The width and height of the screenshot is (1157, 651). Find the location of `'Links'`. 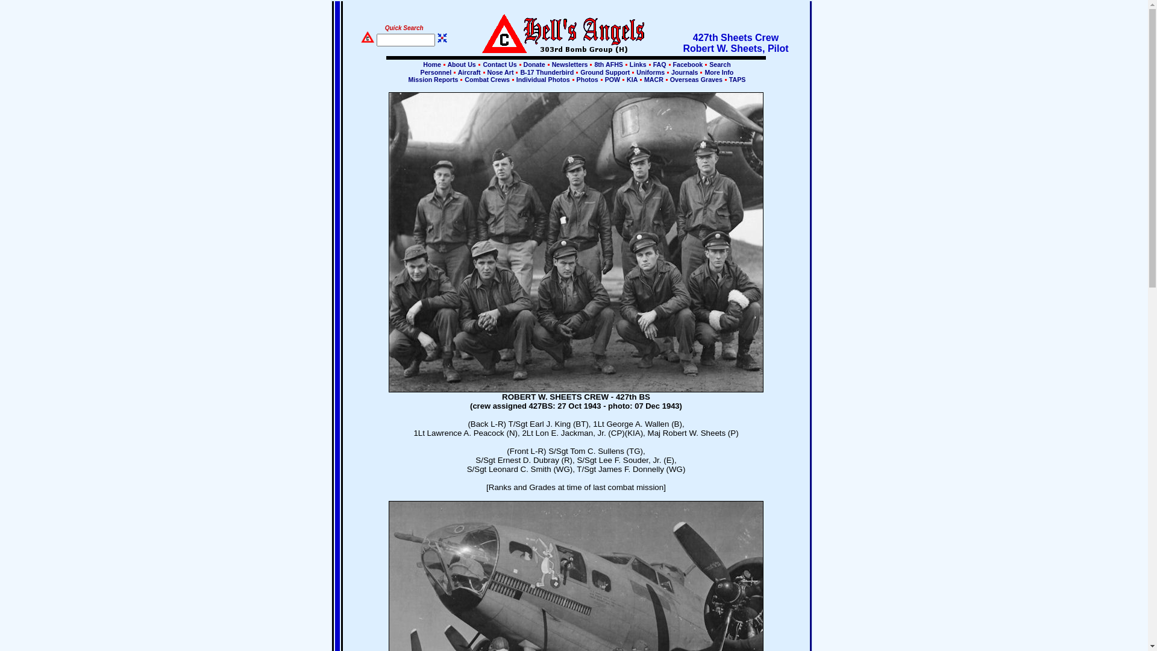

'Links' is located at coordinates (638, 64).